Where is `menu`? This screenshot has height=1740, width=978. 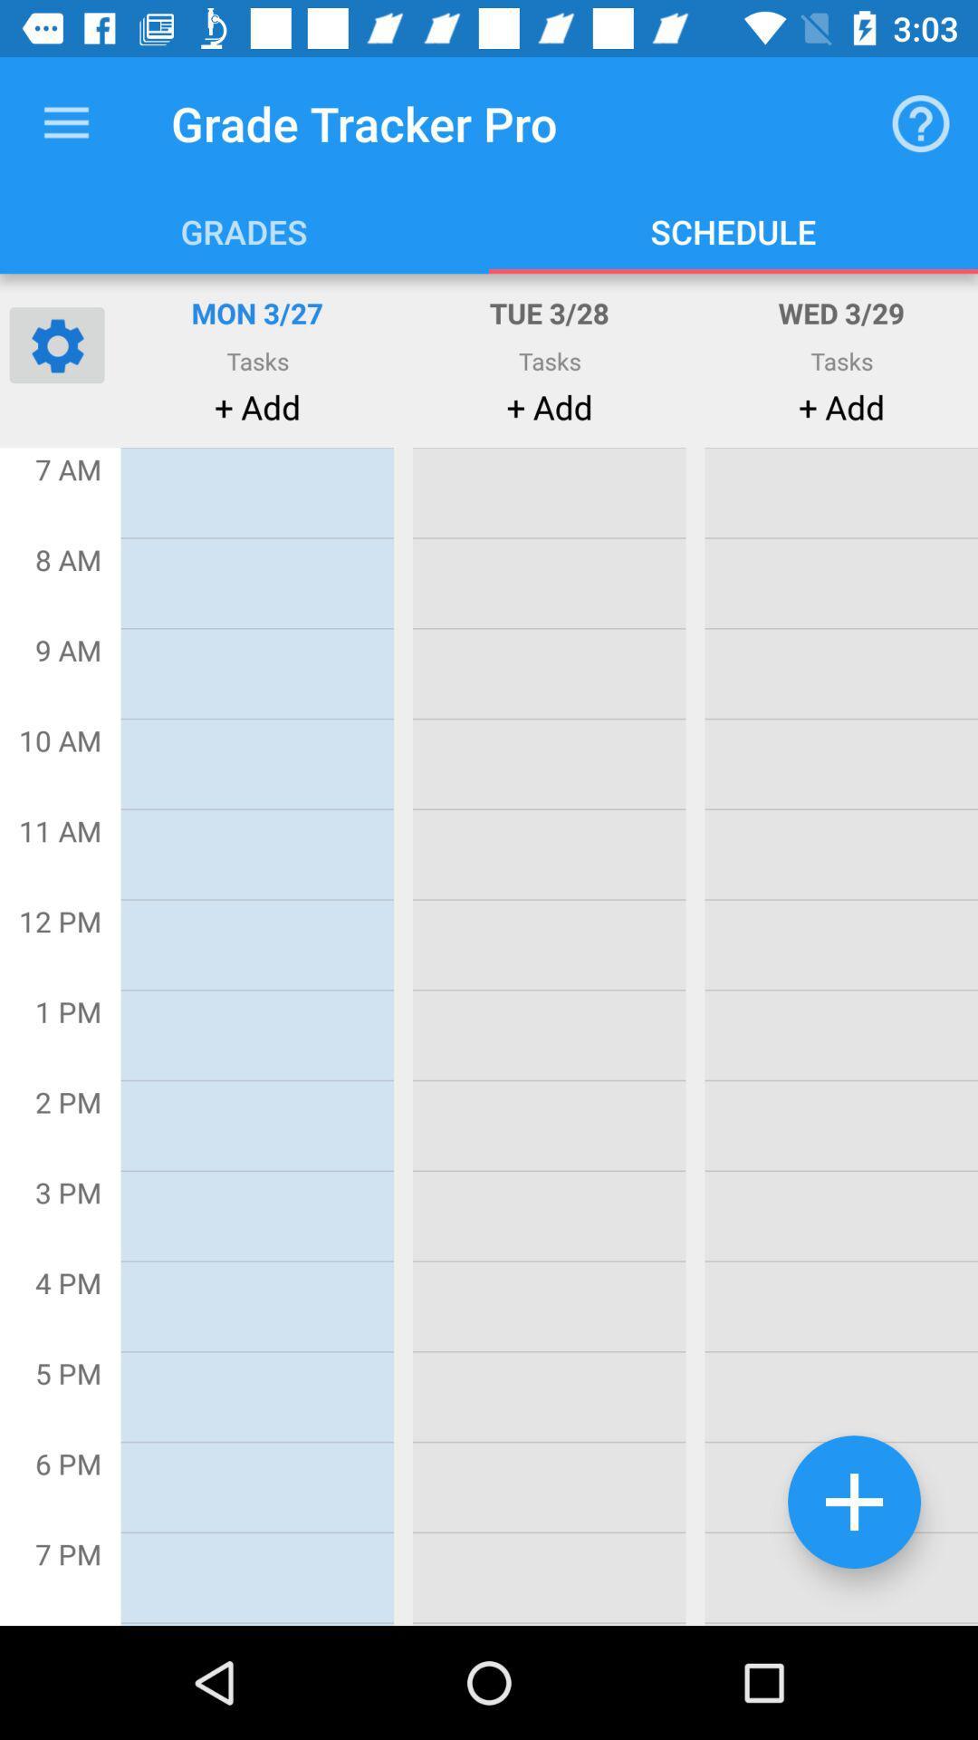
menu is located at coordinates (65, 122).